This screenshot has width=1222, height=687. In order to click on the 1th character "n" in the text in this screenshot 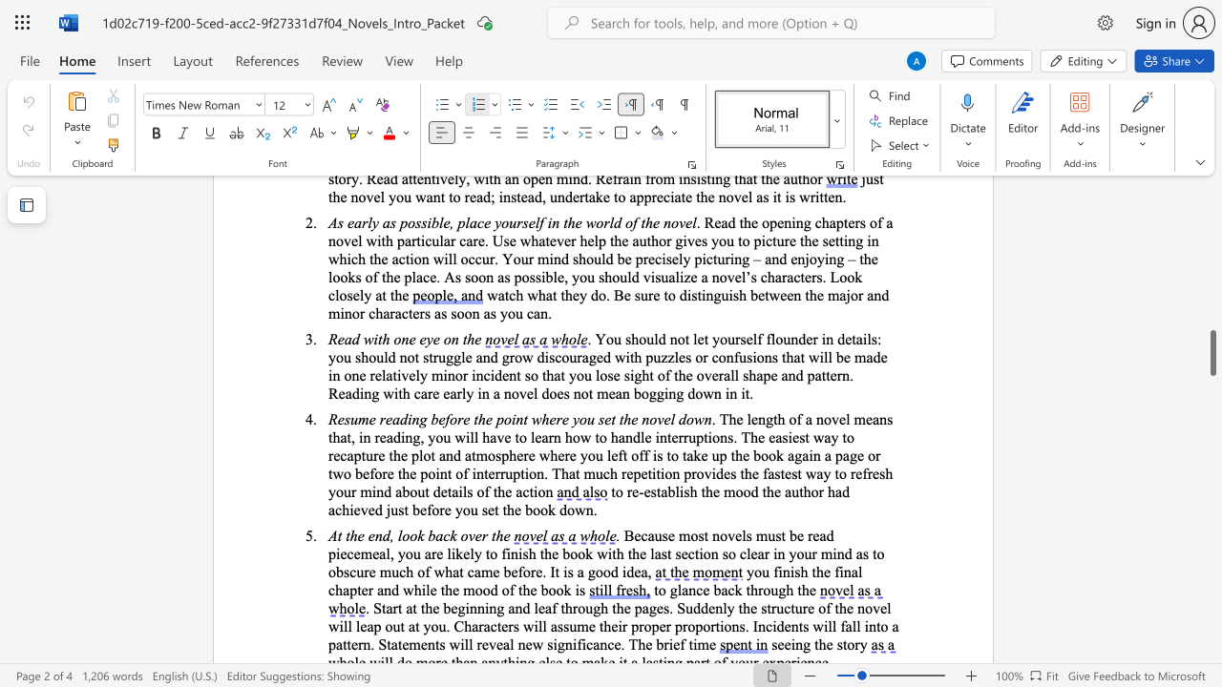, I will do `click(380, 490)`.